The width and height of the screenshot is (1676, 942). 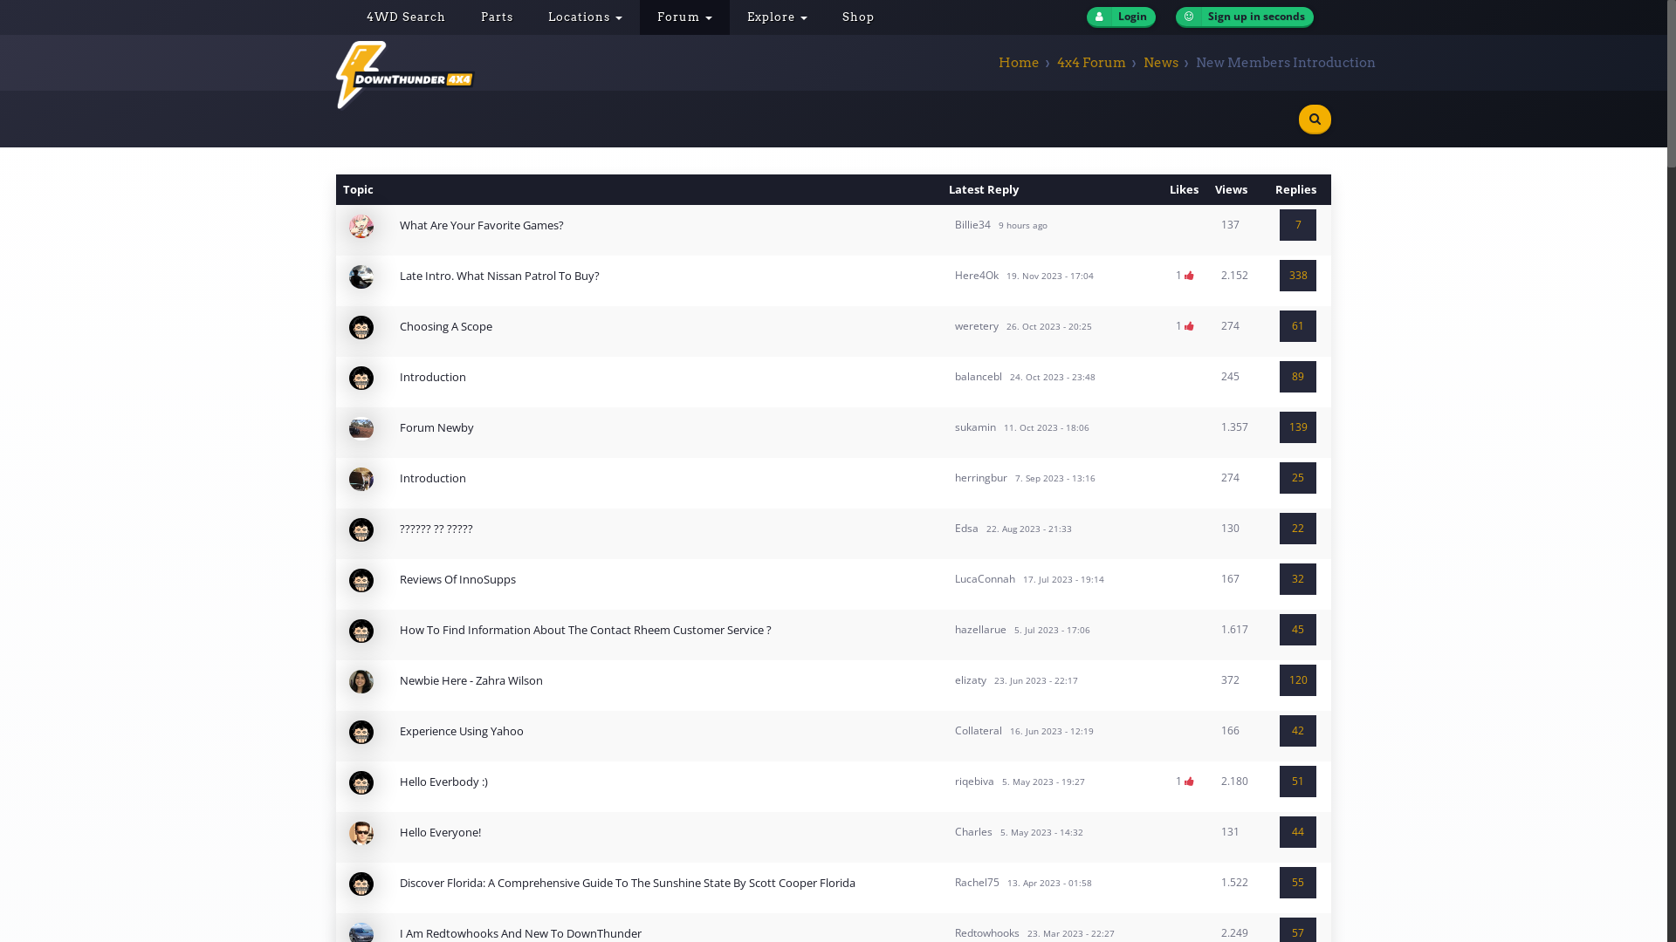 What do you see at coordinates (530, 17) in the screenshot?
I see `'Locations'` at bounding box center [530, 17].